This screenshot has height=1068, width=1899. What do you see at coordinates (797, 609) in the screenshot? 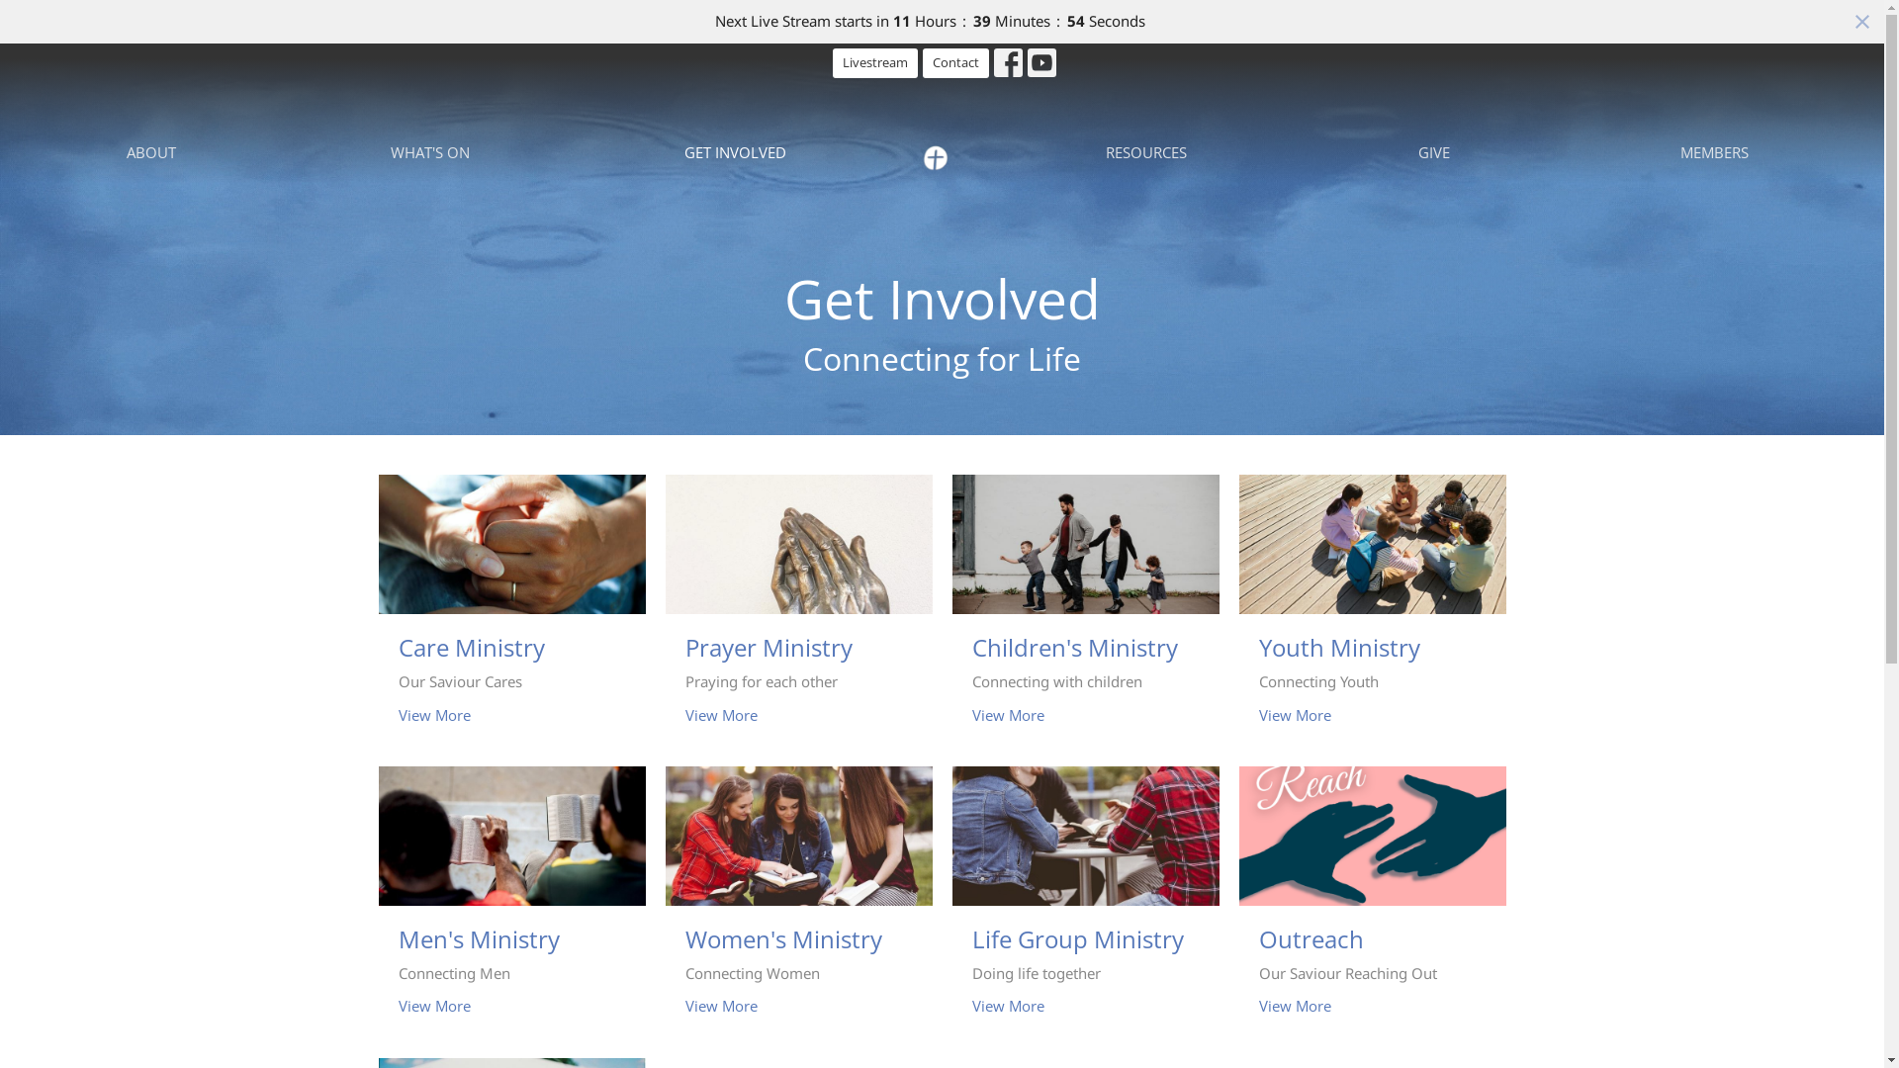
I see `'Prayer Ministry` at bounding box center [797, 609].